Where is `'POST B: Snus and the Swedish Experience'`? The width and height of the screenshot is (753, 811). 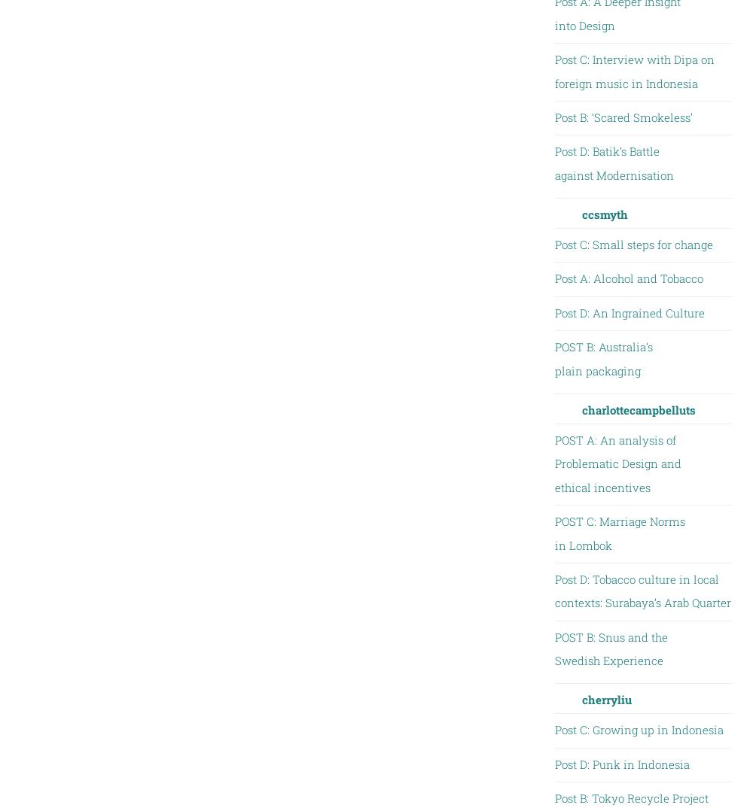
'POST B: Snus and the Swedish Experience' is located at coordinates (611, 647).